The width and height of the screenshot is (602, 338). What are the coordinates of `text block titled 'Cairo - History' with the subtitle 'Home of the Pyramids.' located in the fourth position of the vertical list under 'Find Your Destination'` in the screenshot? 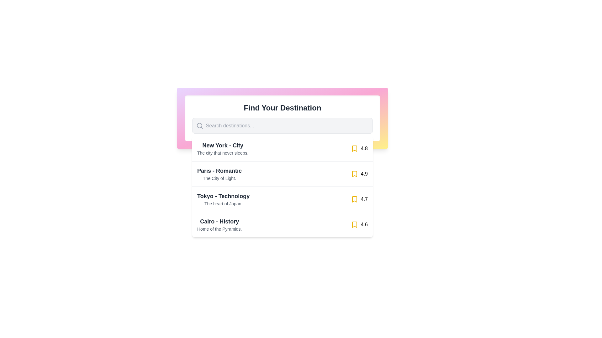 It's located at (219, 224).